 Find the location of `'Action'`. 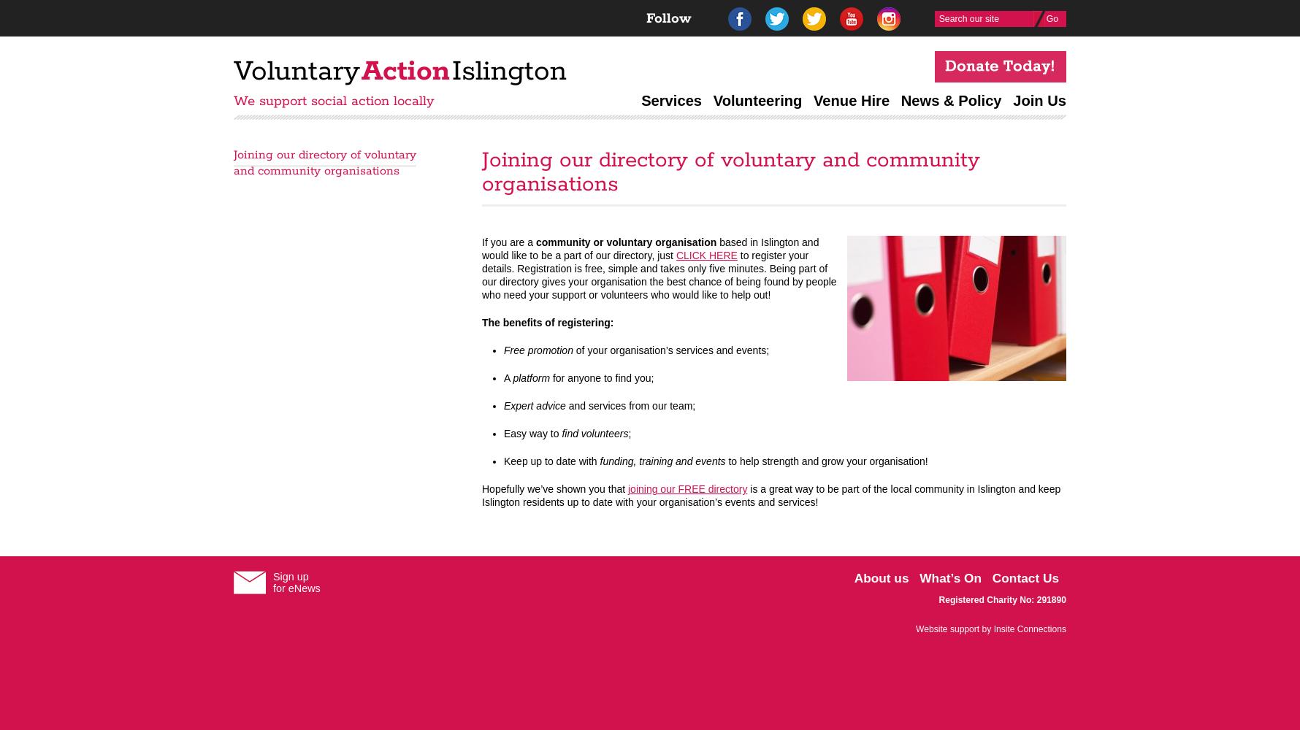

'Action' is located at coordinates (405, 71).